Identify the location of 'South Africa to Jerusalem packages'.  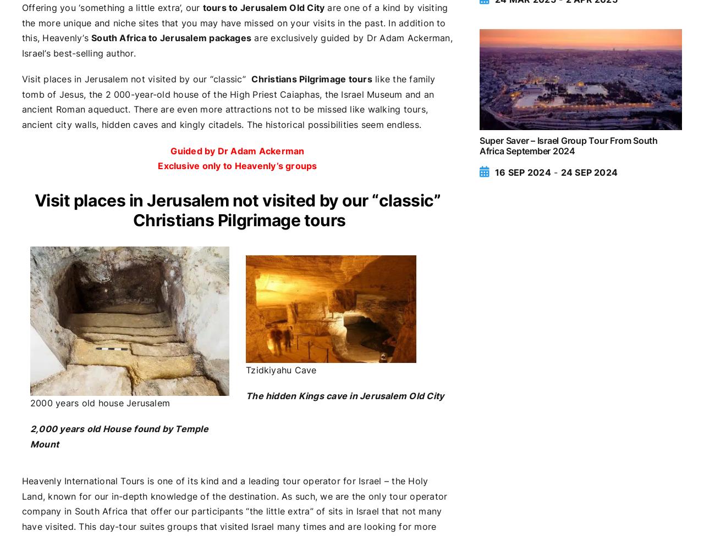
(170, 38).